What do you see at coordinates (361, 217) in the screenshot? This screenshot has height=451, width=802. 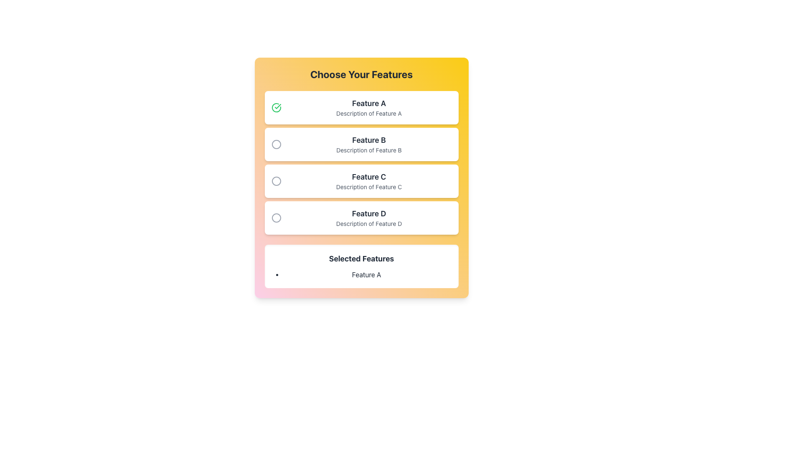 I see `the 'Feature D' selectable card, which is the fourth card in the list under 'Choose Your Features', containing a title in bold and a description below it` at bounding box center [361, 217].